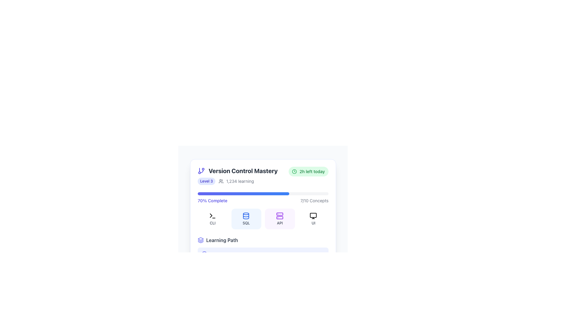  What do you see at coordinates (263, 193) in the screenshot?
I see `the Progress Bar displayed within the 'Version Control Mastery' card, which has a soft gray background and a blue-to-indigo gradient filling, indicating progress` at bounding box center [263, 193].